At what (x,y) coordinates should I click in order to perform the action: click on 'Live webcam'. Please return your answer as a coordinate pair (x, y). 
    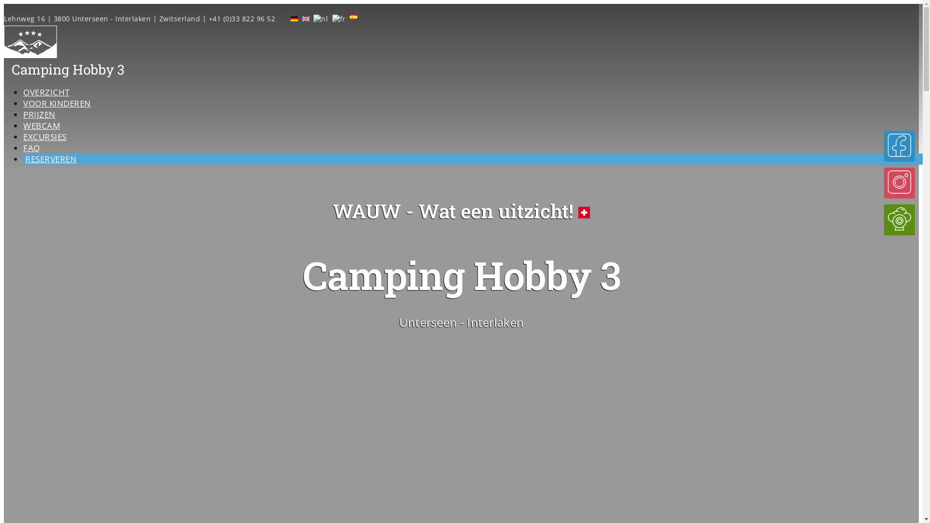
    Looking at the image, I should click on (899, 220).